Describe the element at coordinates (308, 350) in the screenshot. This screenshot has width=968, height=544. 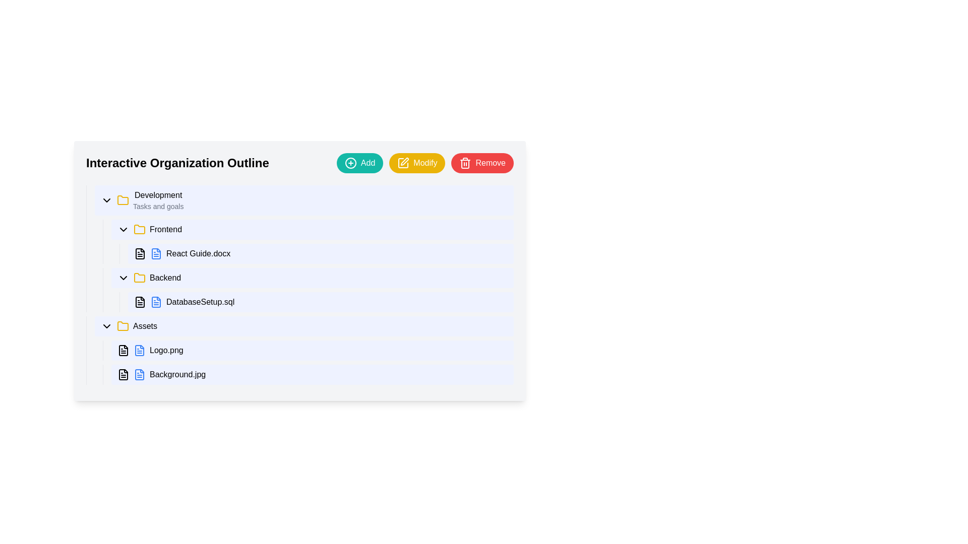
I see `the file list item named 'Logo.png'` at that location.